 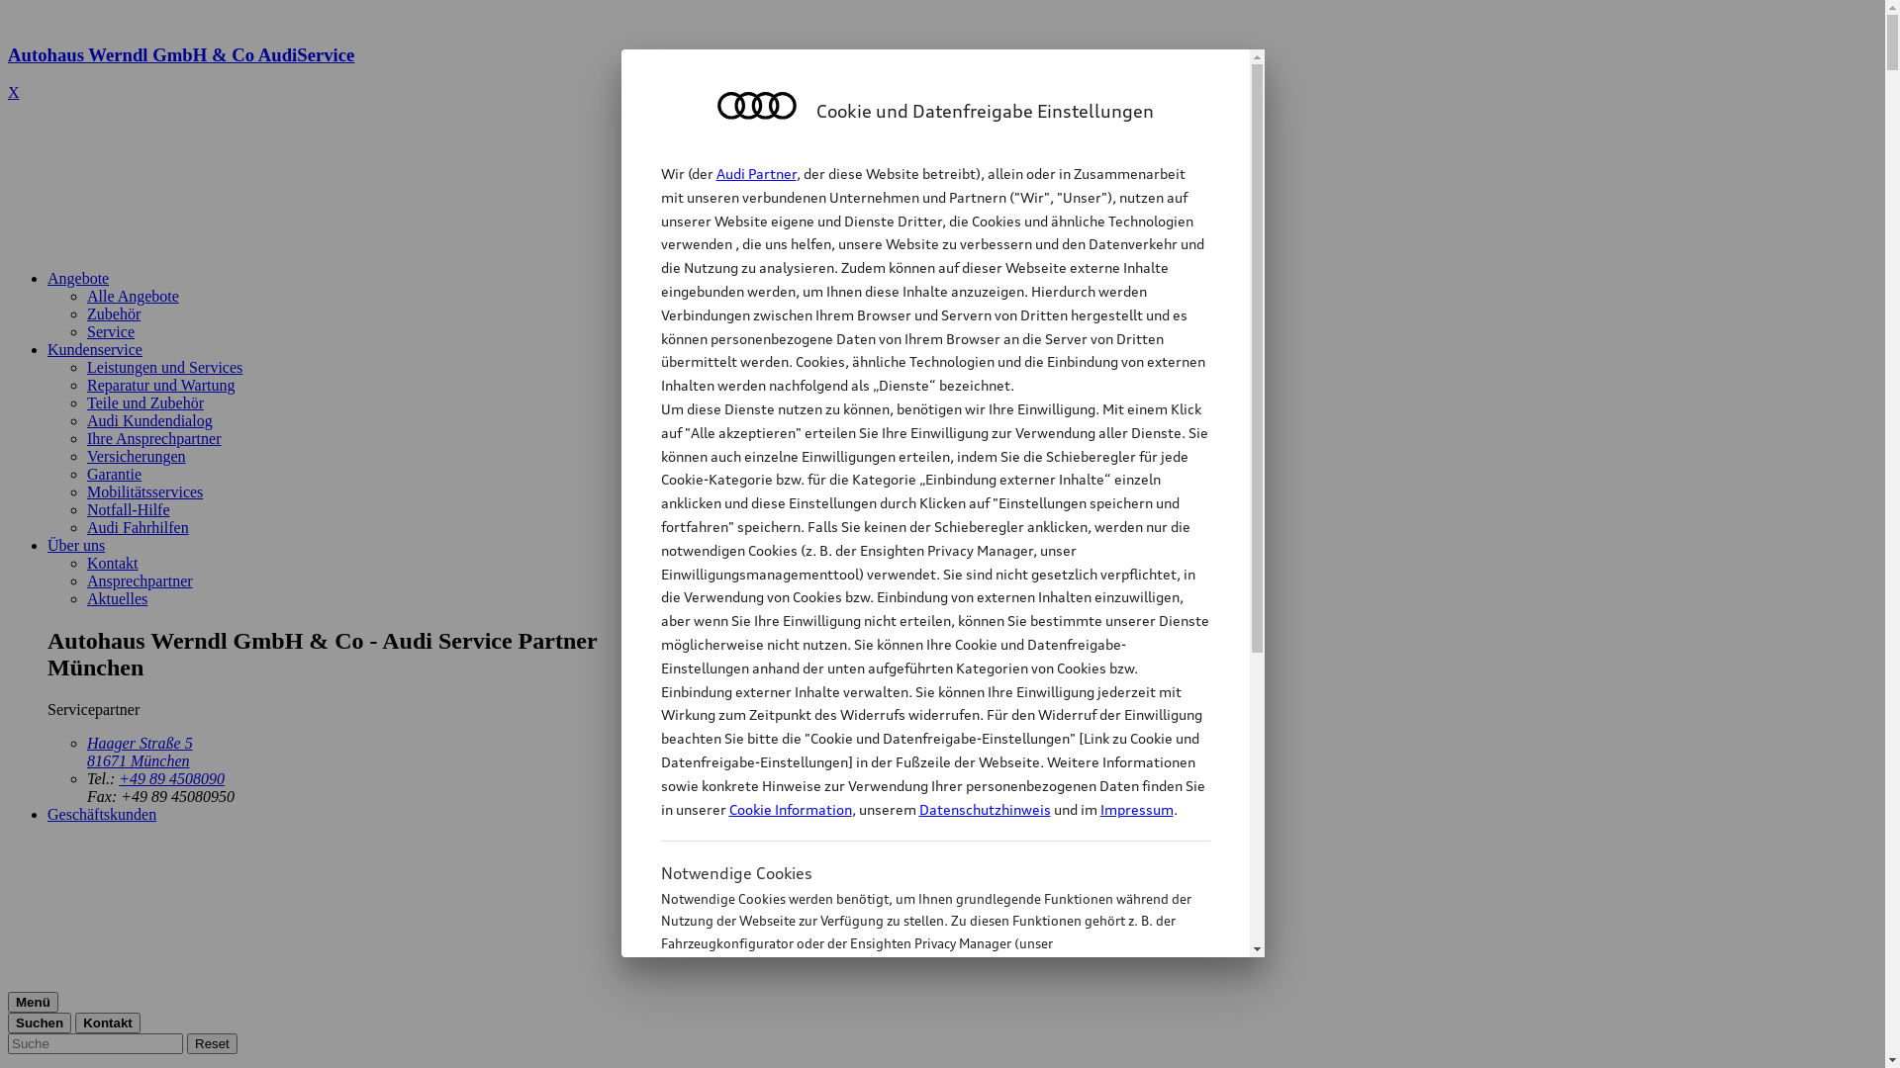 What do you see at coordinates (148, 419) in the screenshot?
I see `'Audi Kundendialog'` at bounding box center [148, 419].